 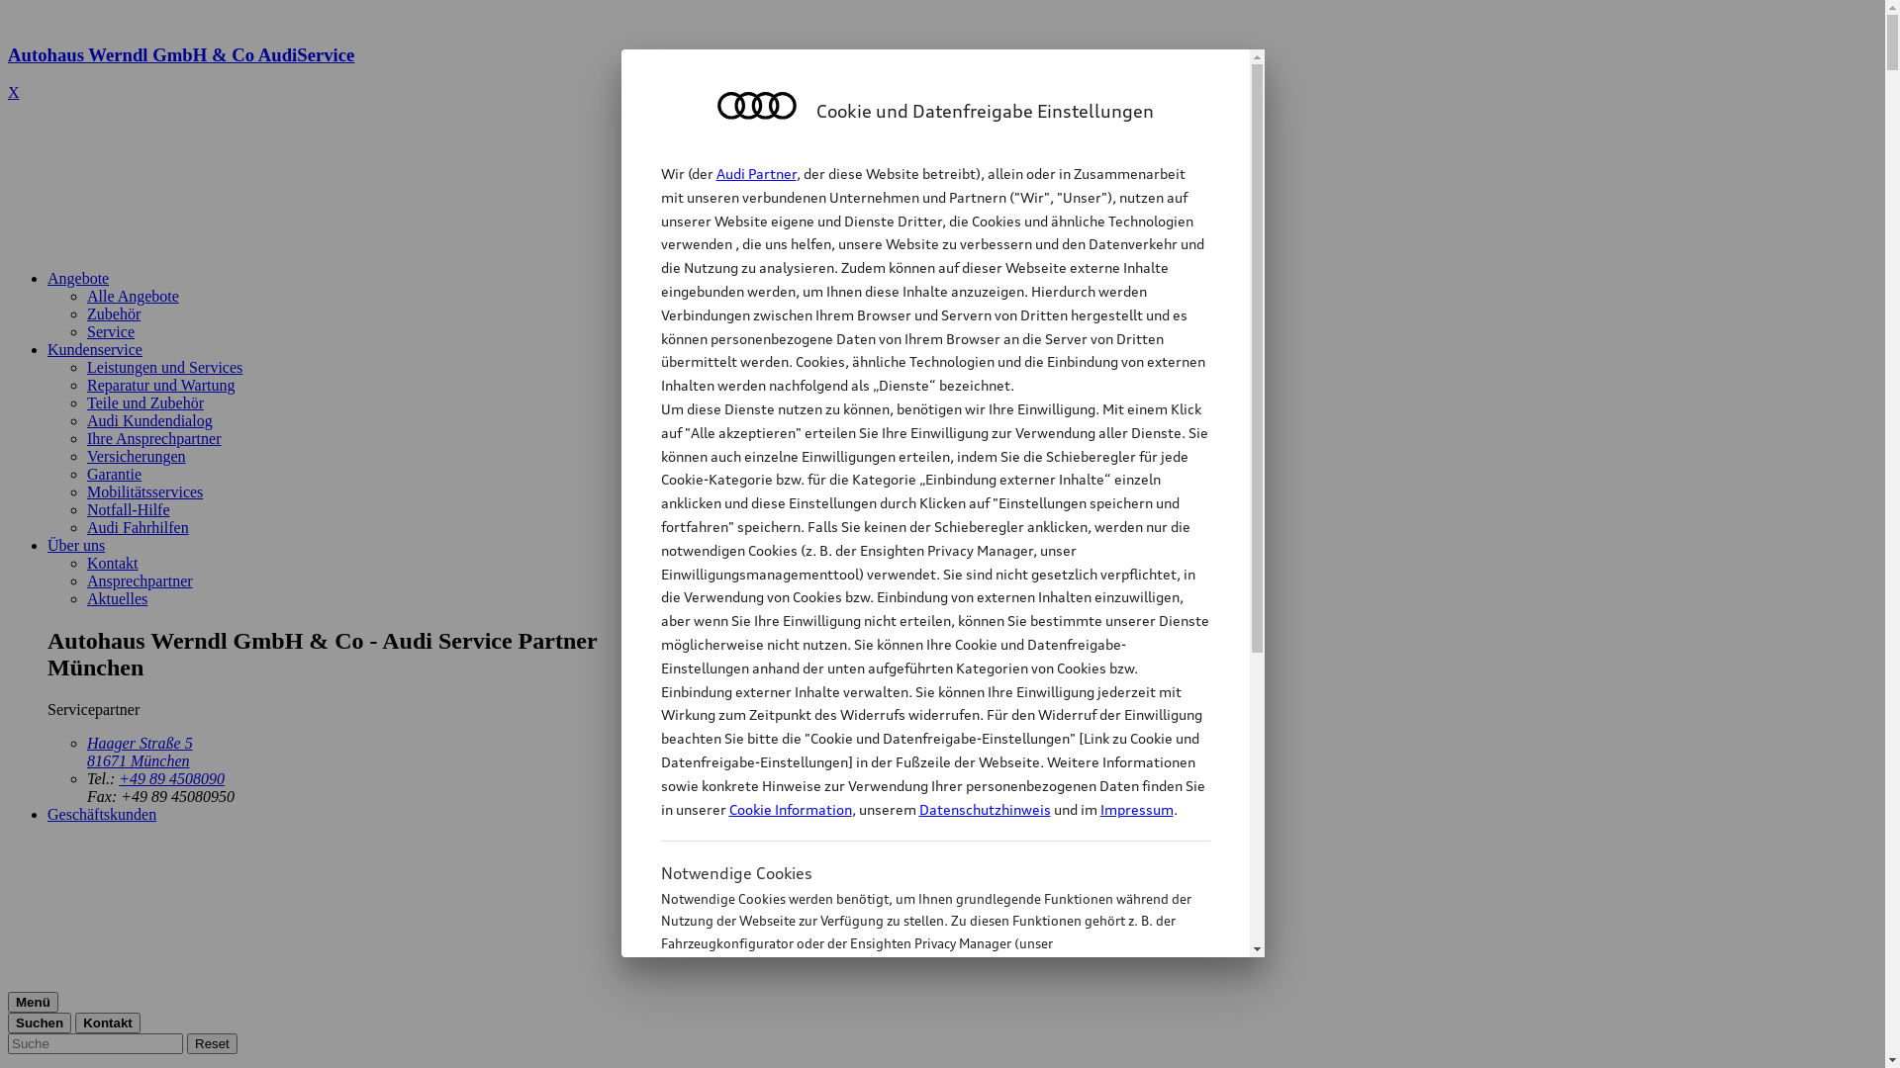 What do you see at coordinates (148, 419) in the screenshot?
I see `'Audi Kundendialog'` at bounding box center [148, 419].